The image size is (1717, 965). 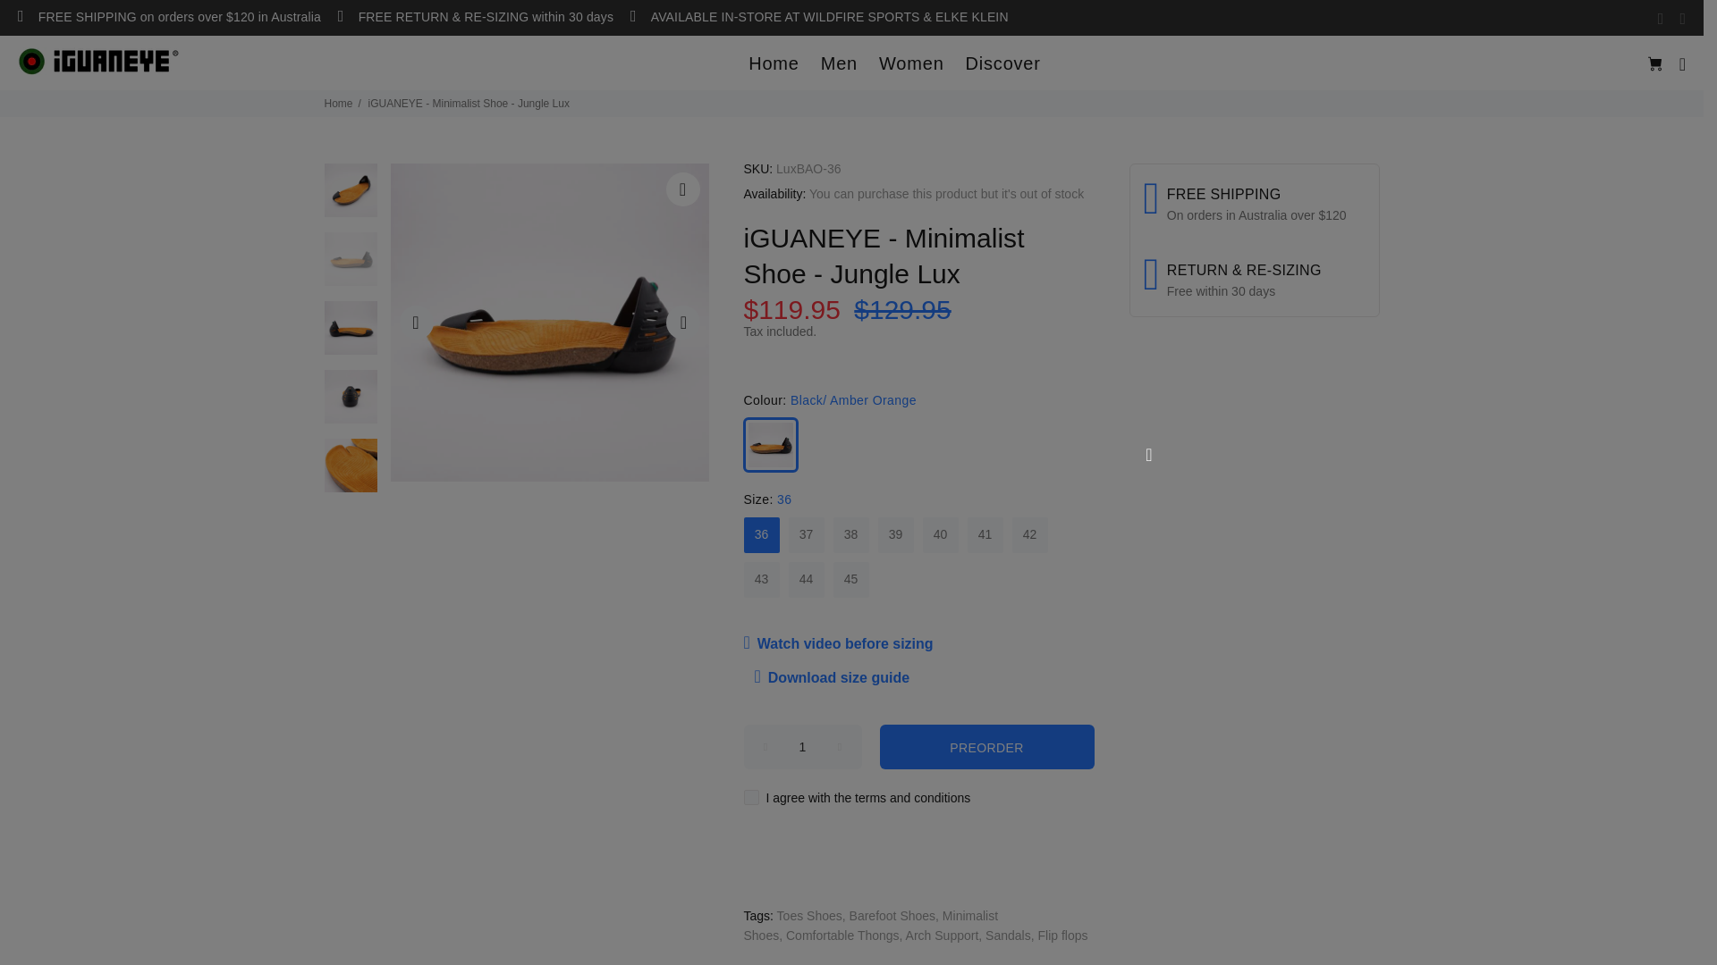 I want to click on 'Flip flops', so click(x=1037, y=934).